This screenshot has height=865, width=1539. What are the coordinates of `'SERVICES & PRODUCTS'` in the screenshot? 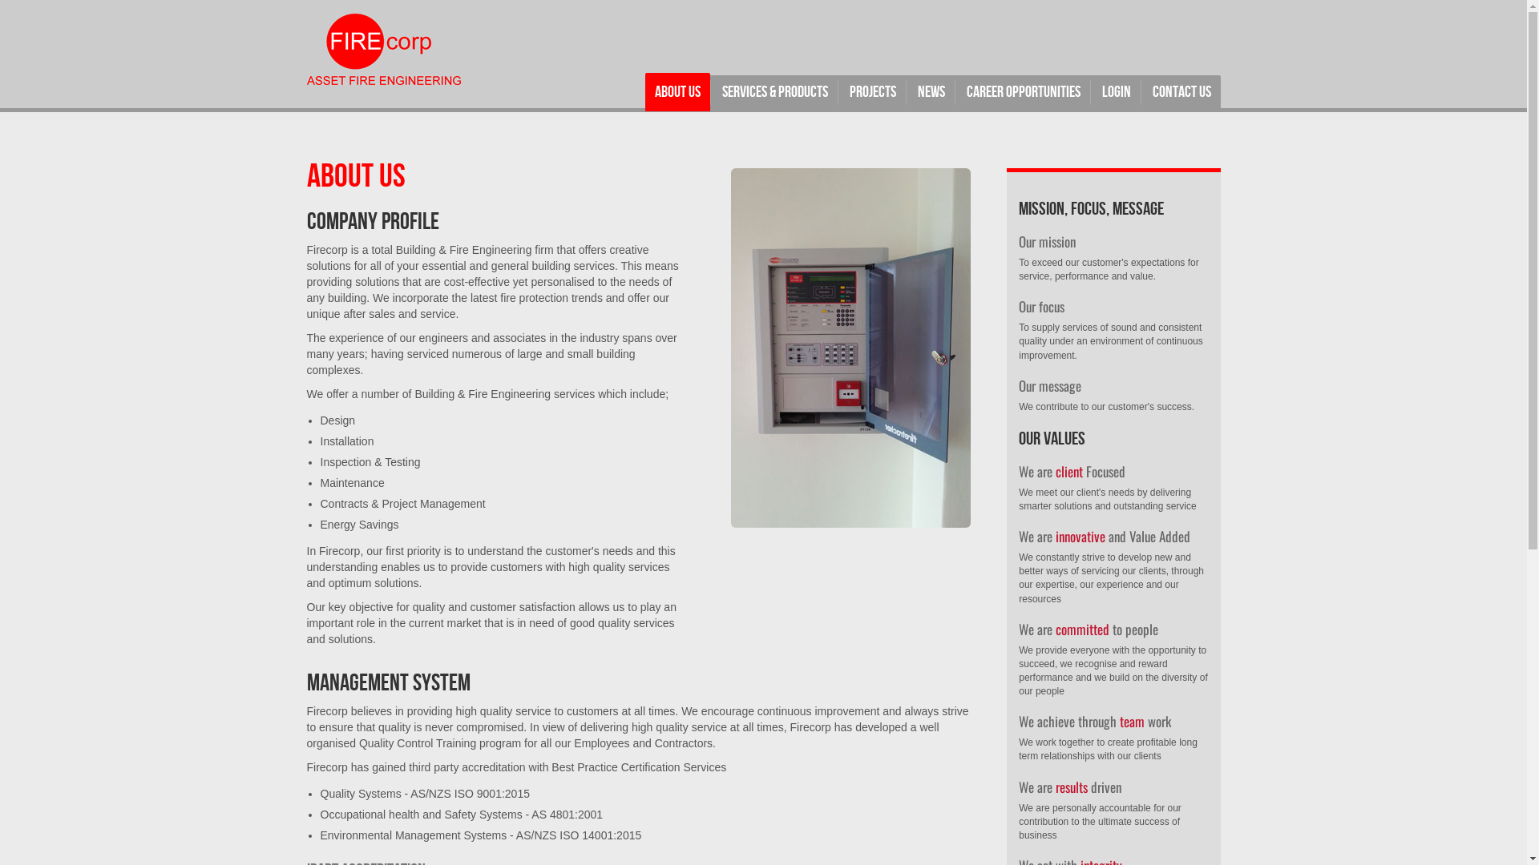 It's located at (774, 92).